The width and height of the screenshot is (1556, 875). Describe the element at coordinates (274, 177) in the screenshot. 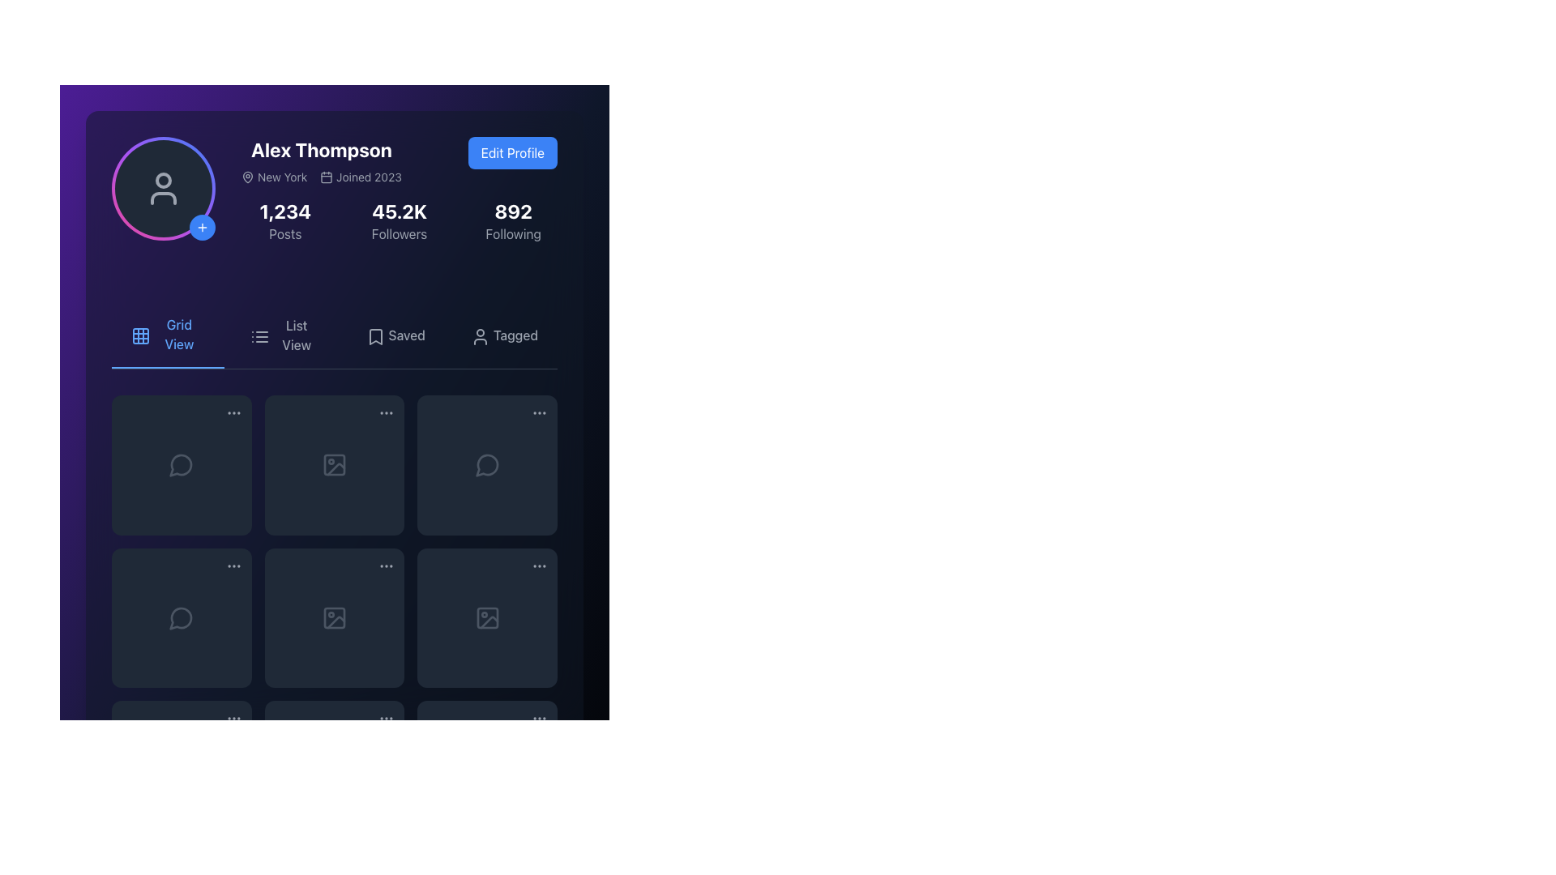

I see `the Text label with an accompanying icon located in the header section, which provides a location indicator for the user beneath the username 'Alex Thompson.'` at that location.